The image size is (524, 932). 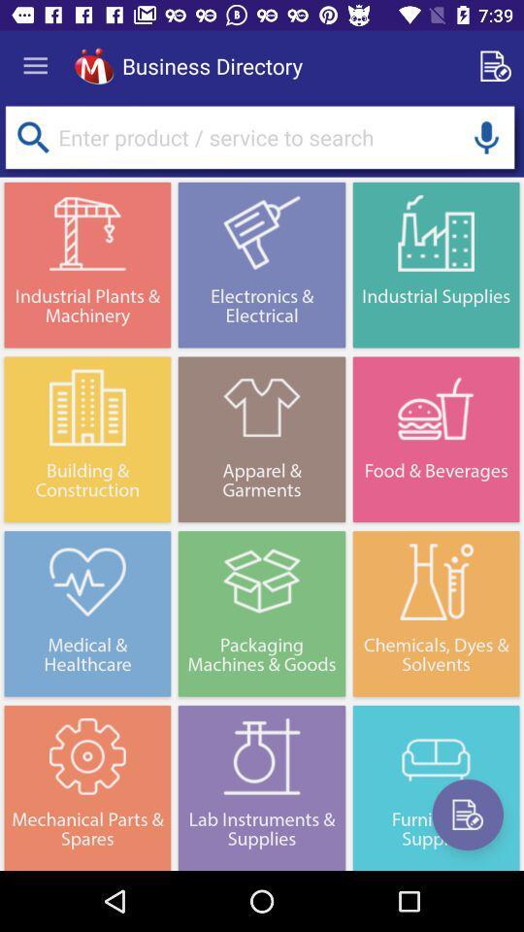 I want to click on the description icon, so click(x=467, y=815).